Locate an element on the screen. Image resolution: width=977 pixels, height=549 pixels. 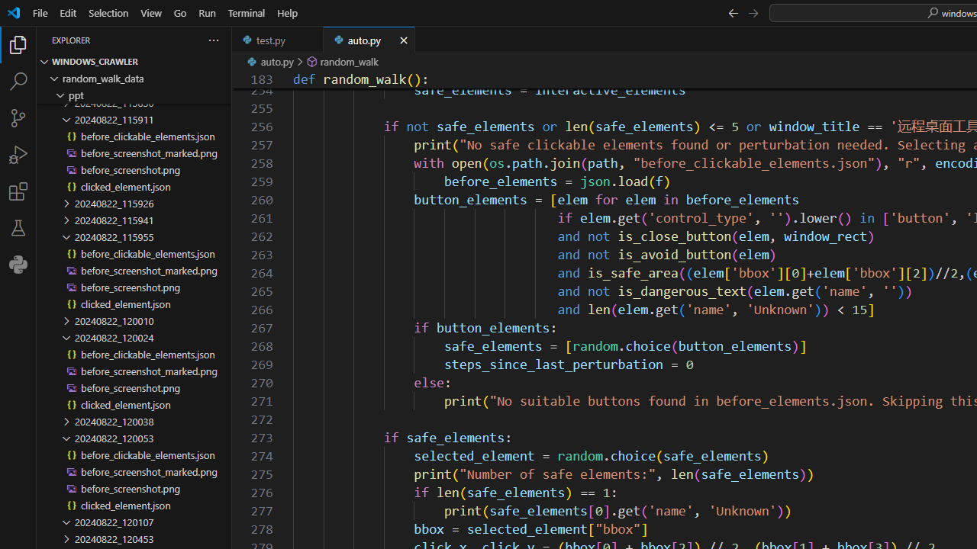
'Run and Debug (Ctrl+Shift+D)' is located at coordinates (18, 155).